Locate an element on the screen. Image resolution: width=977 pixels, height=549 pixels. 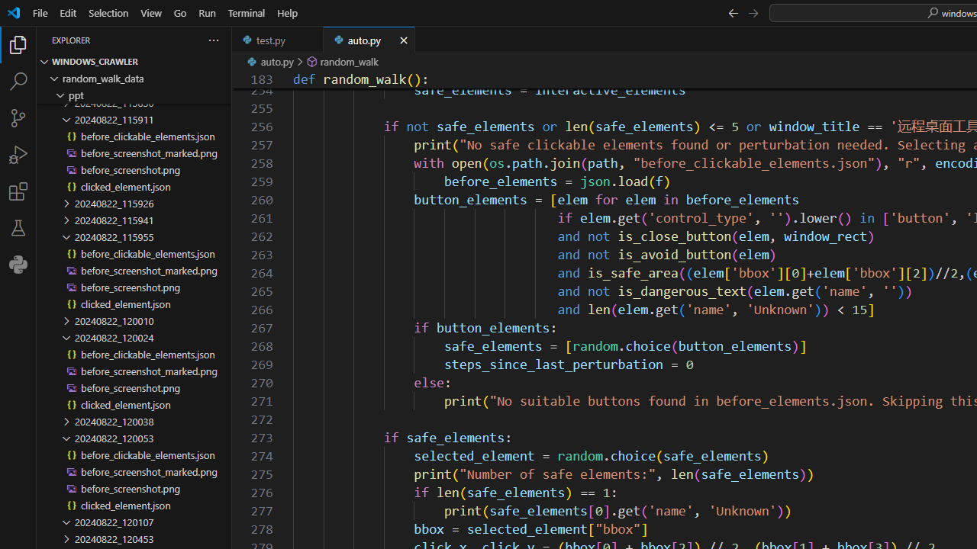
'Run and Debug (Ctrl+Shift+D)' is located at coordinates (18, 155).